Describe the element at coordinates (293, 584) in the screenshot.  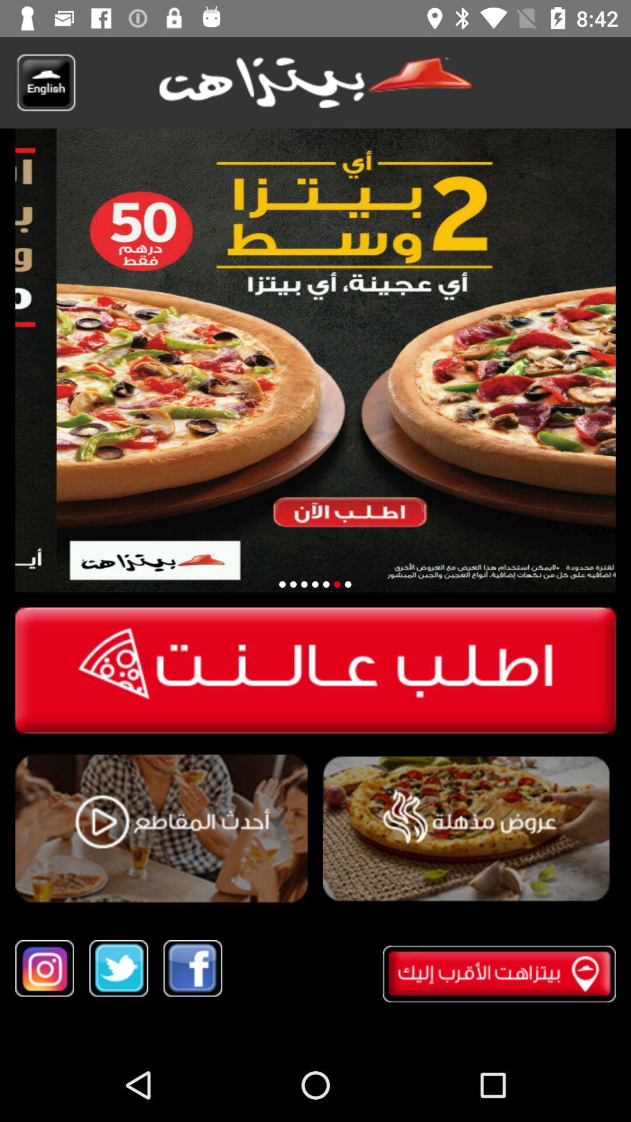
I see `second special` at that location.